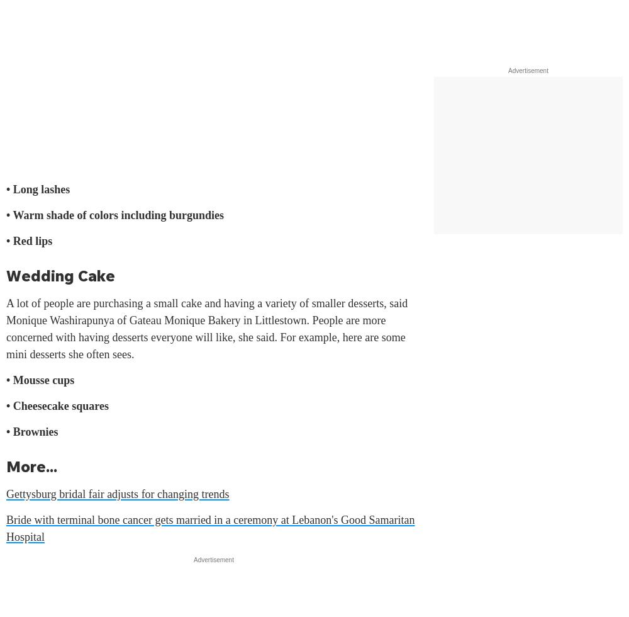  Describe the element at coordinates (60, 275) in the screenshot. I see `'Wedding Cake'` at that location.